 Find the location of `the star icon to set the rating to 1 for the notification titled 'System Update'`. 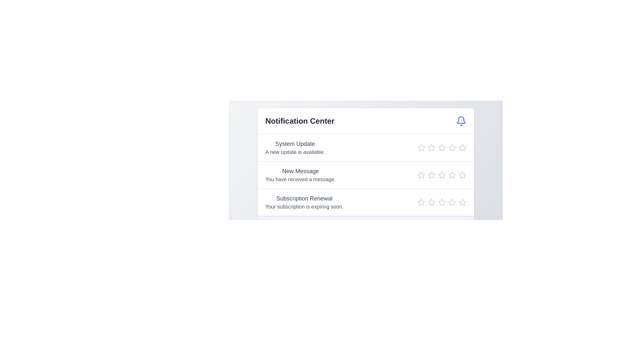

the star icon to set the rating to 1 for the notification titled 'System Update' is located at coordinates (421, 147).